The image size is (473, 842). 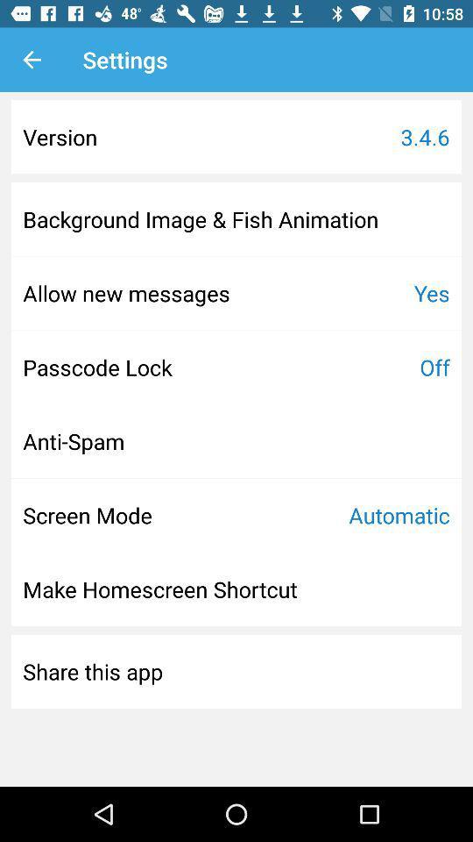 I want to click on the item above the make homescreen shortcut item, so click(x=87, y=515).